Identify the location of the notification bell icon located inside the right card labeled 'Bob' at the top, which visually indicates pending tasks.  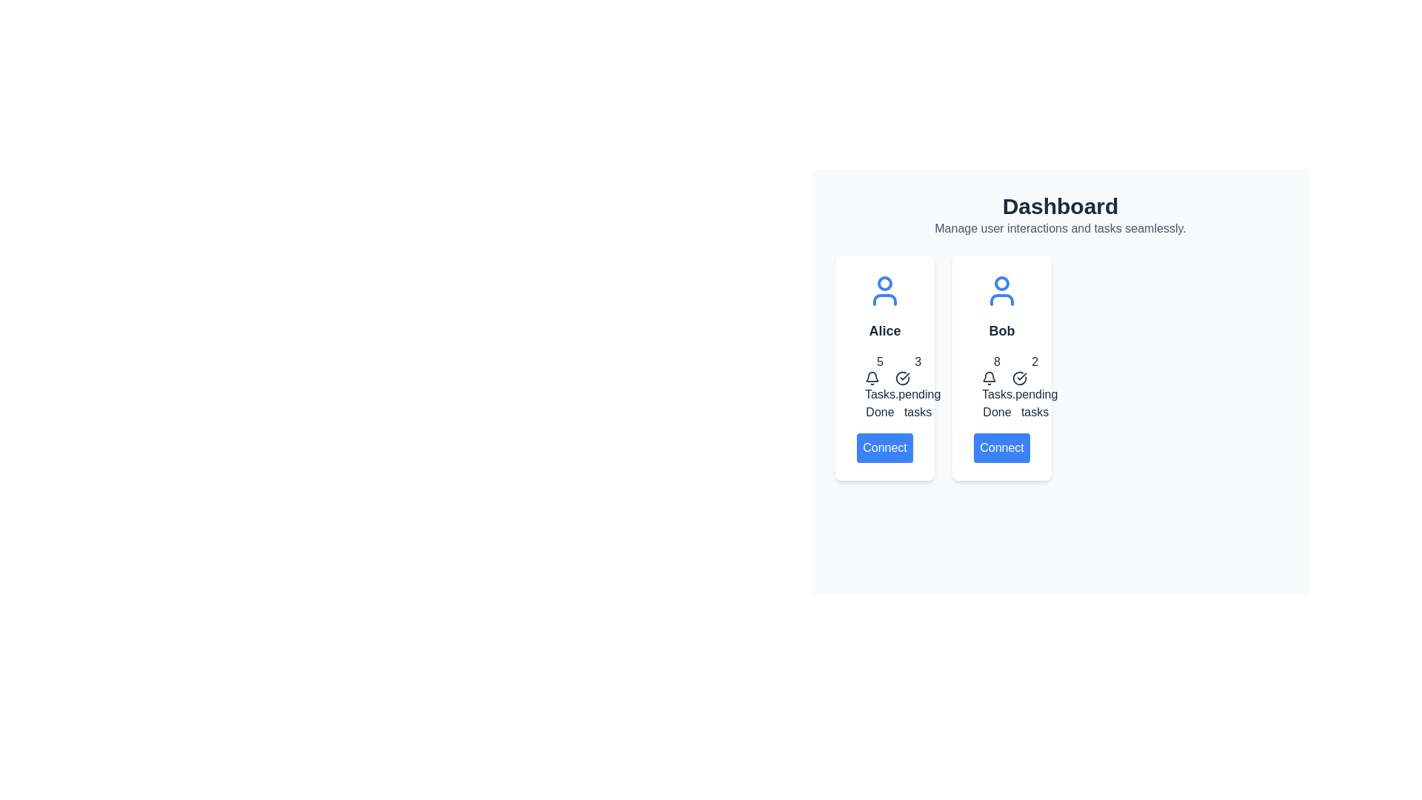
(872, 376).